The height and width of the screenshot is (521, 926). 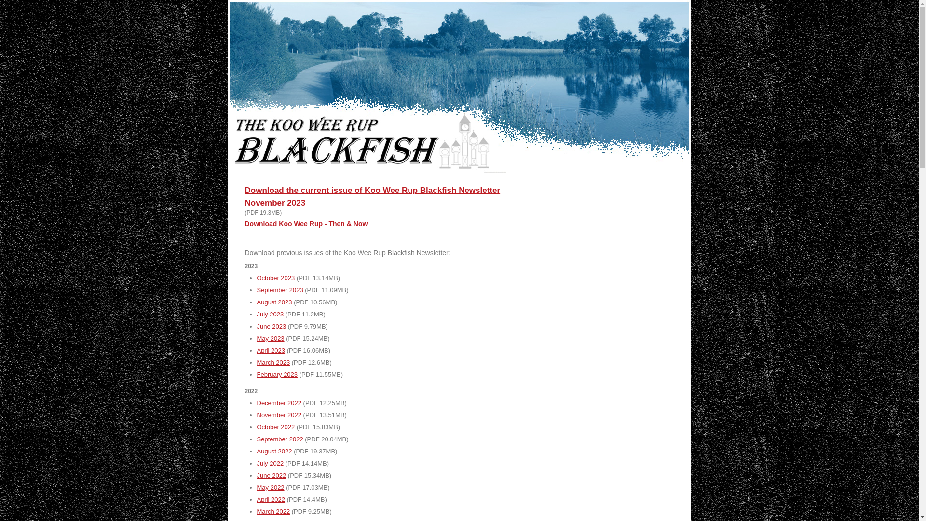 What do you see at coordinates (275, 278) in the screenshot?
I see `'October 2023'` at bounding box center [275, 278].